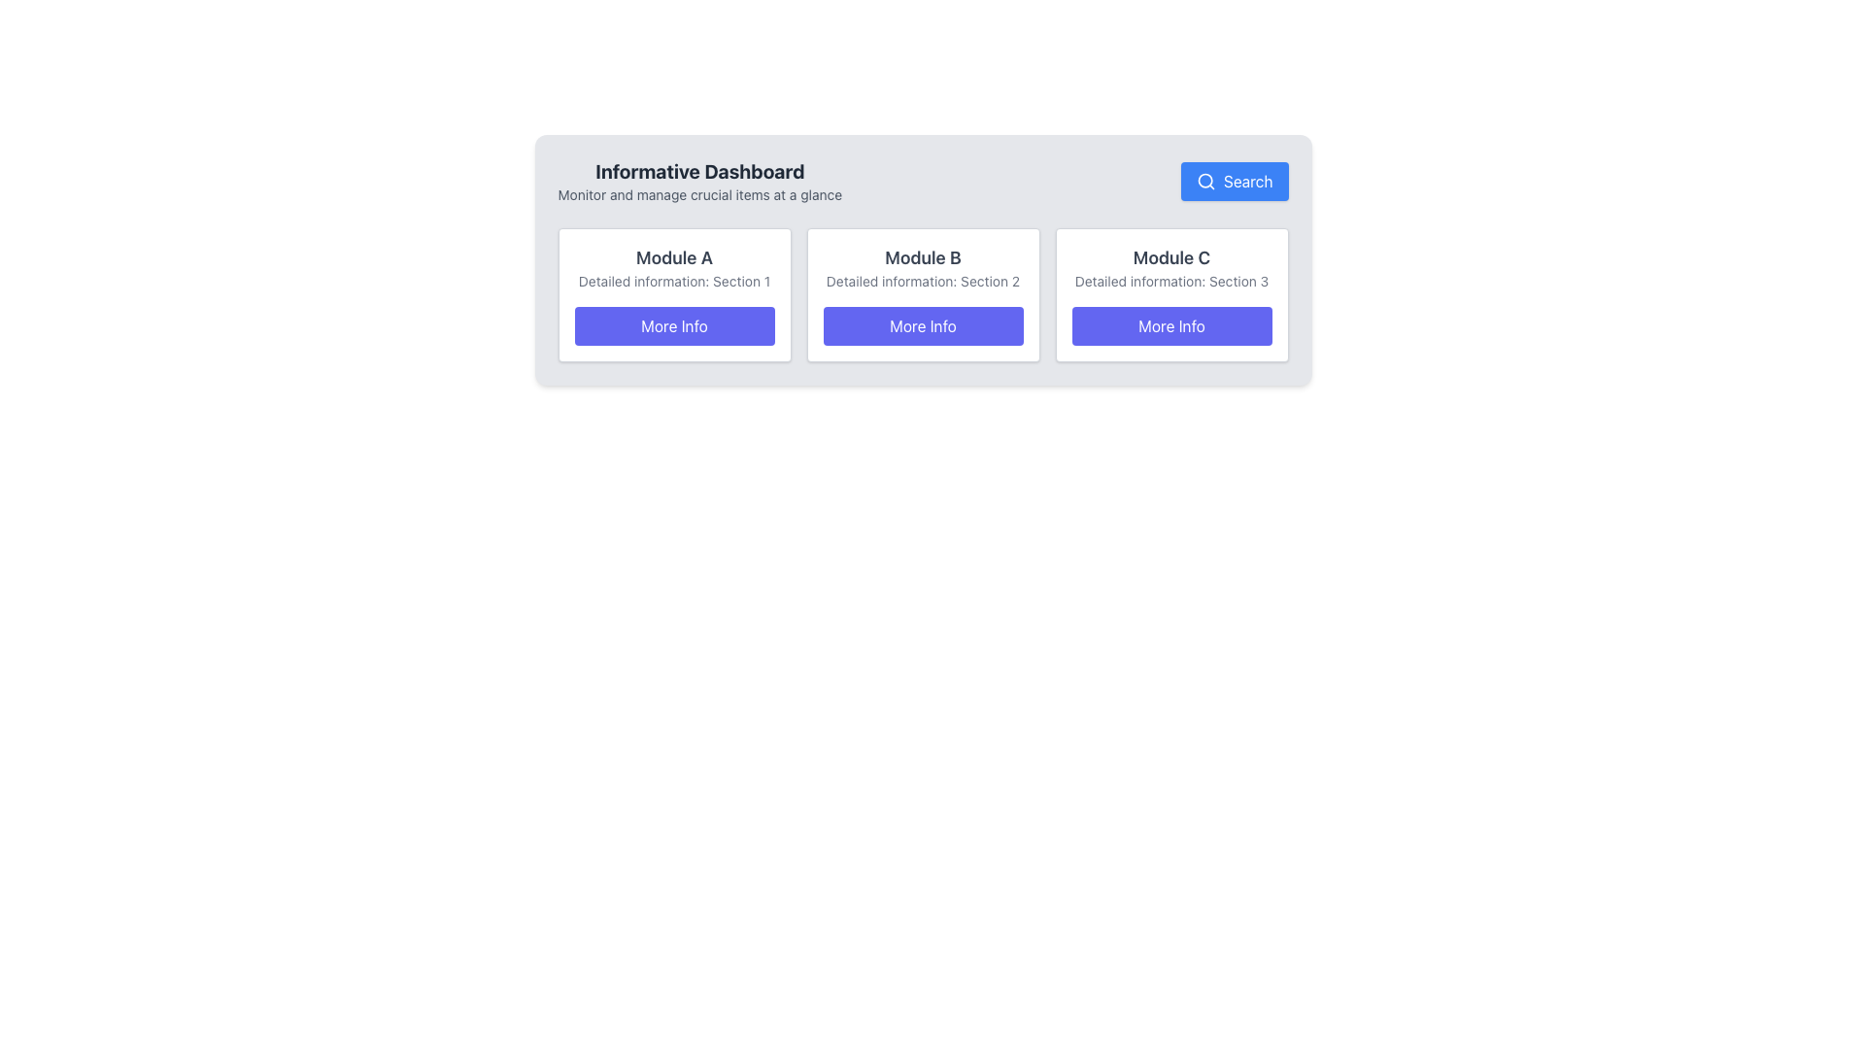 The width and height of the screenshot is (1865, 1049). Describe the element at coordinates (922, 324) in the screenshot. I see `the button that triggers additional information about 'Module B', located below the description text in the central module column` at that location.